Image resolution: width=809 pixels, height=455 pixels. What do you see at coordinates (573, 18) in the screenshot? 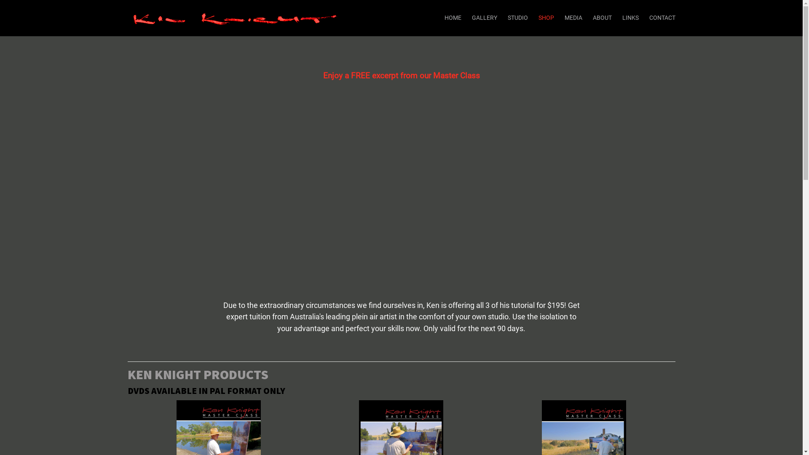
I see `'MEDIA'` at bounding box center [573, 18].